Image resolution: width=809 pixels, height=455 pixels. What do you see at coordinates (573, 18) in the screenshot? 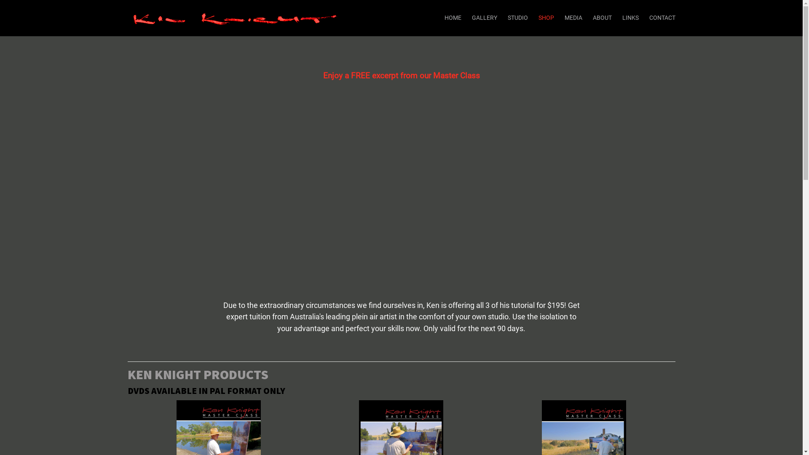
I see `'MEDIA'` at bounding box center [573, 18].